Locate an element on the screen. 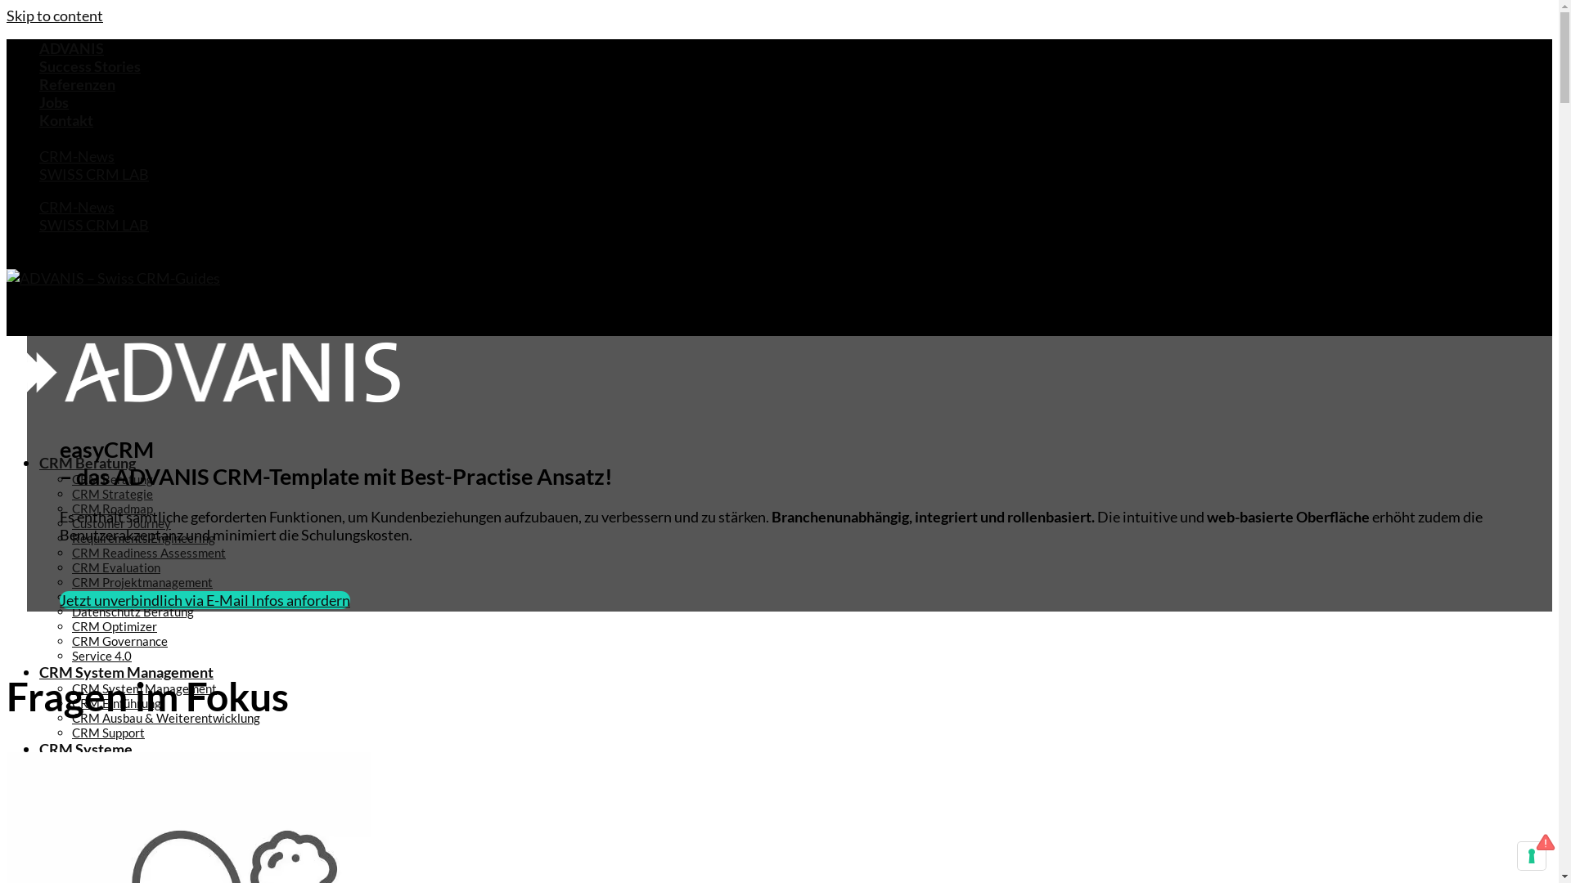 The width and height of the screenshot is (1571, 883). 'Referenzen' is located at coordinates (39, 84).